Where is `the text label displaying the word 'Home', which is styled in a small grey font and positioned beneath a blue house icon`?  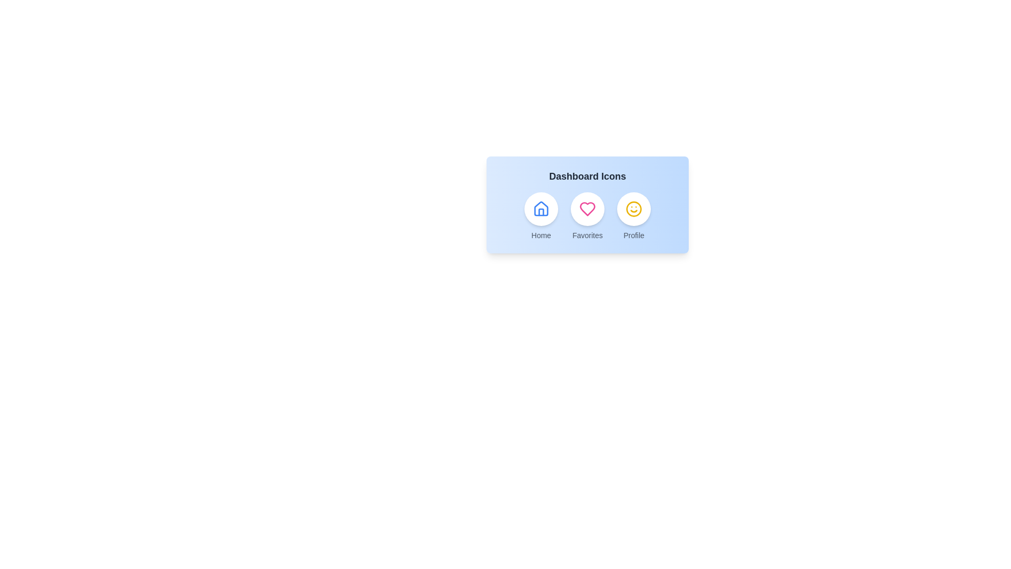
the text label displaying the word 'Home', which is styled in a small grey font and positioned beneath a blue house icon is located at coordinates (541, 235).